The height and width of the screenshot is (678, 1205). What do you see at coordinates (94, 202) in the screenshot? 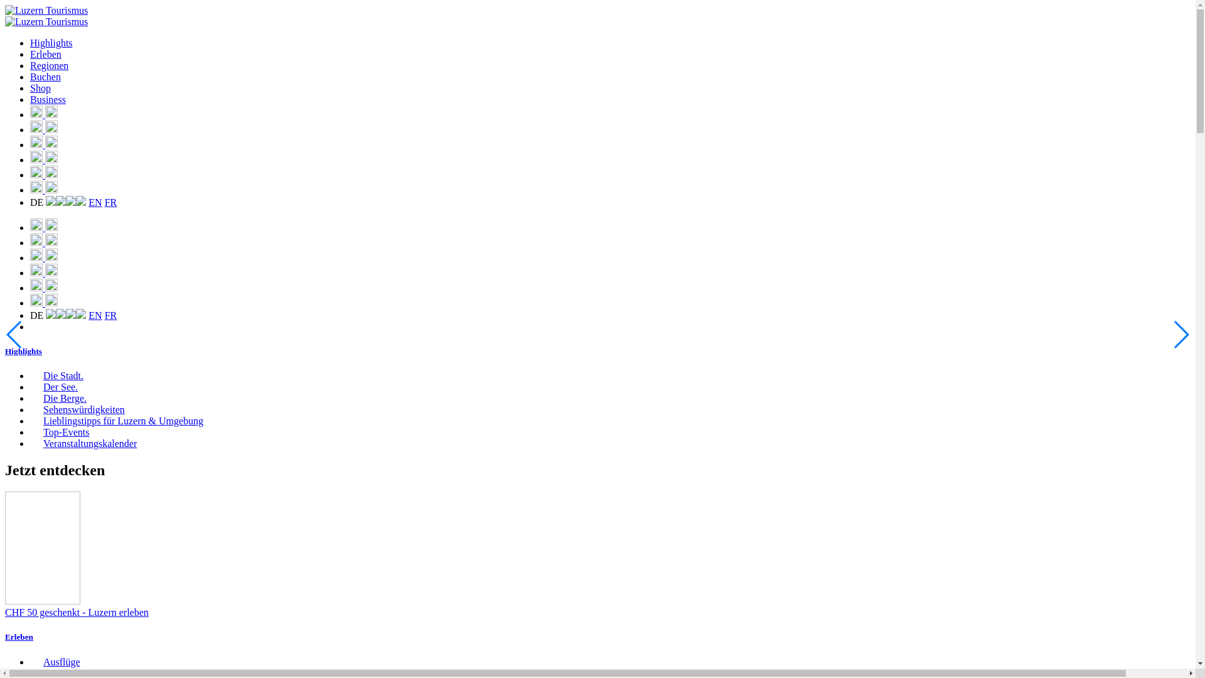
I see `'EN'` at bounding box center [94, 202].